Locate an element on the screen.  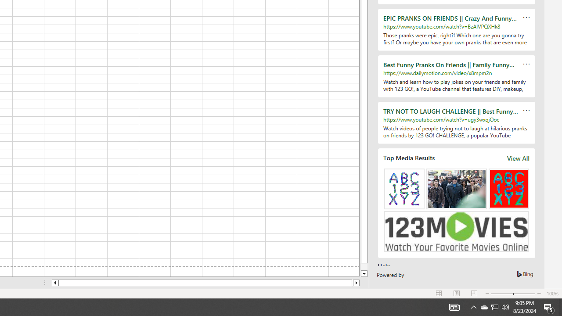
'Zoom' is located at coordinates (513, 294).